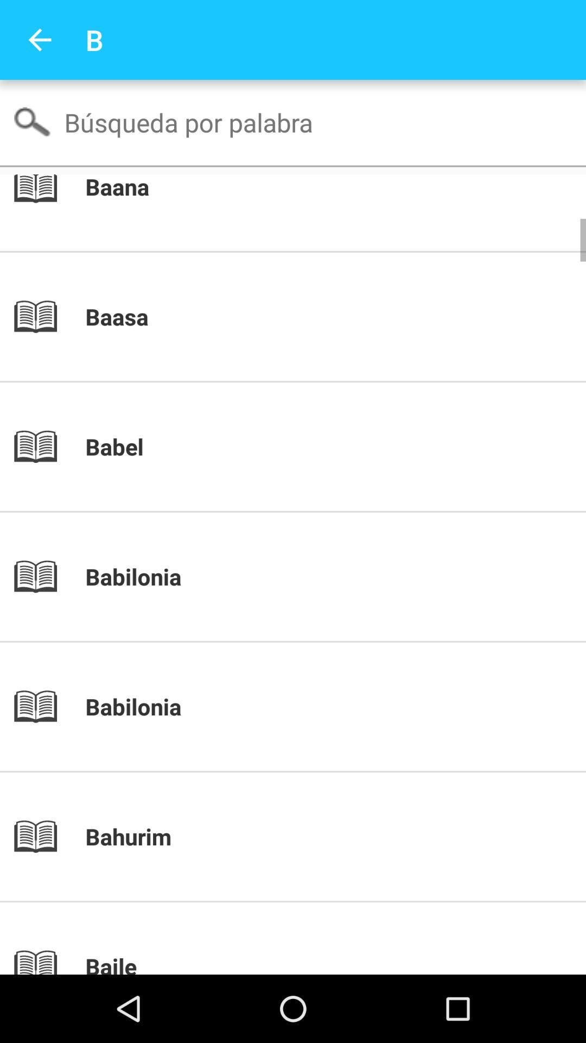 This screenshot has width=586, height=1043. Describe the element at coordinates (311, 447) in the screenshot. I see `babel icon` at that location.